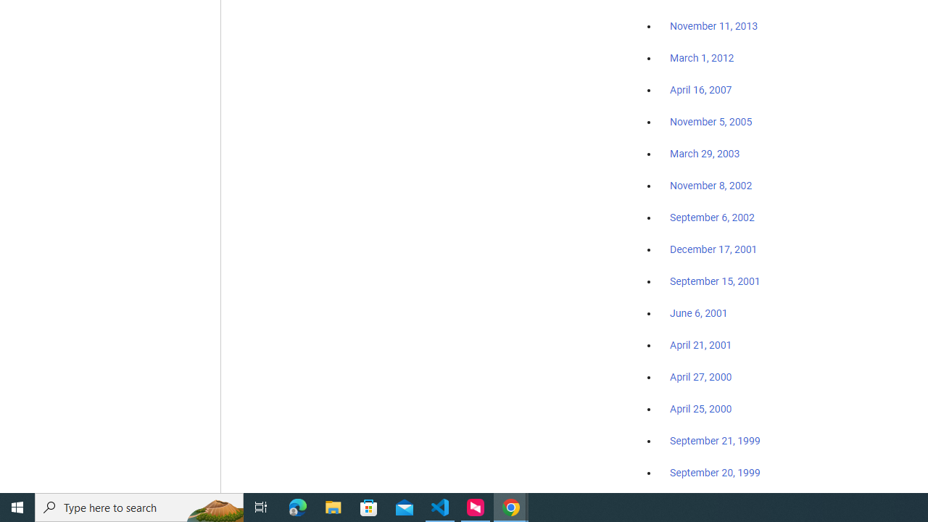  Describe the element at coordinates (715, 472) in the screenshot. I see `'September 20, 1999'` at that location.